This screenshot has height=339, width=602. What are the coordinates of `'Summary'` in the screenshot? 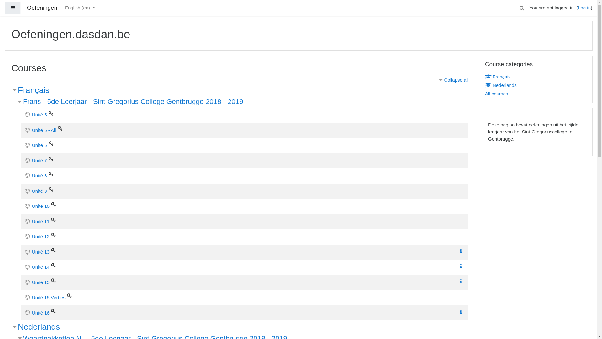 It's located at (461, 250).